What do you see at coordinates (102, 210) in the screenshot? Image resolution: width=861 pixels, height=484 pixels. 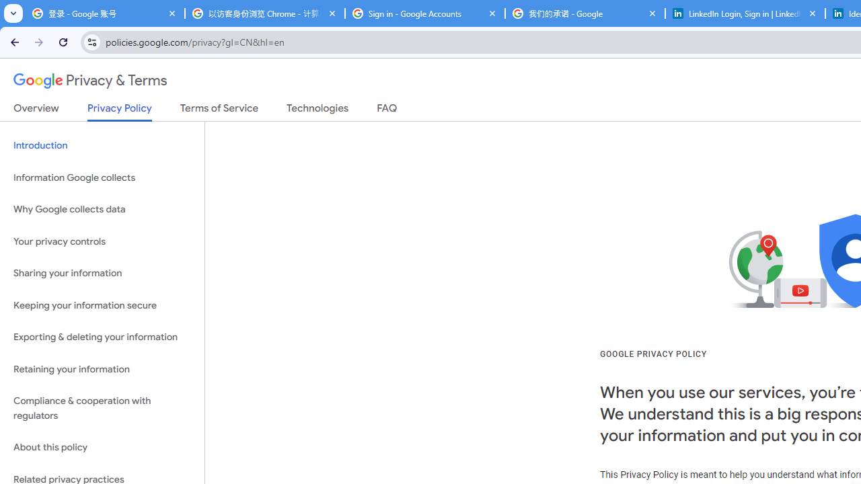 I see `'Why Google collects data'` at bounding box center [102, 210].